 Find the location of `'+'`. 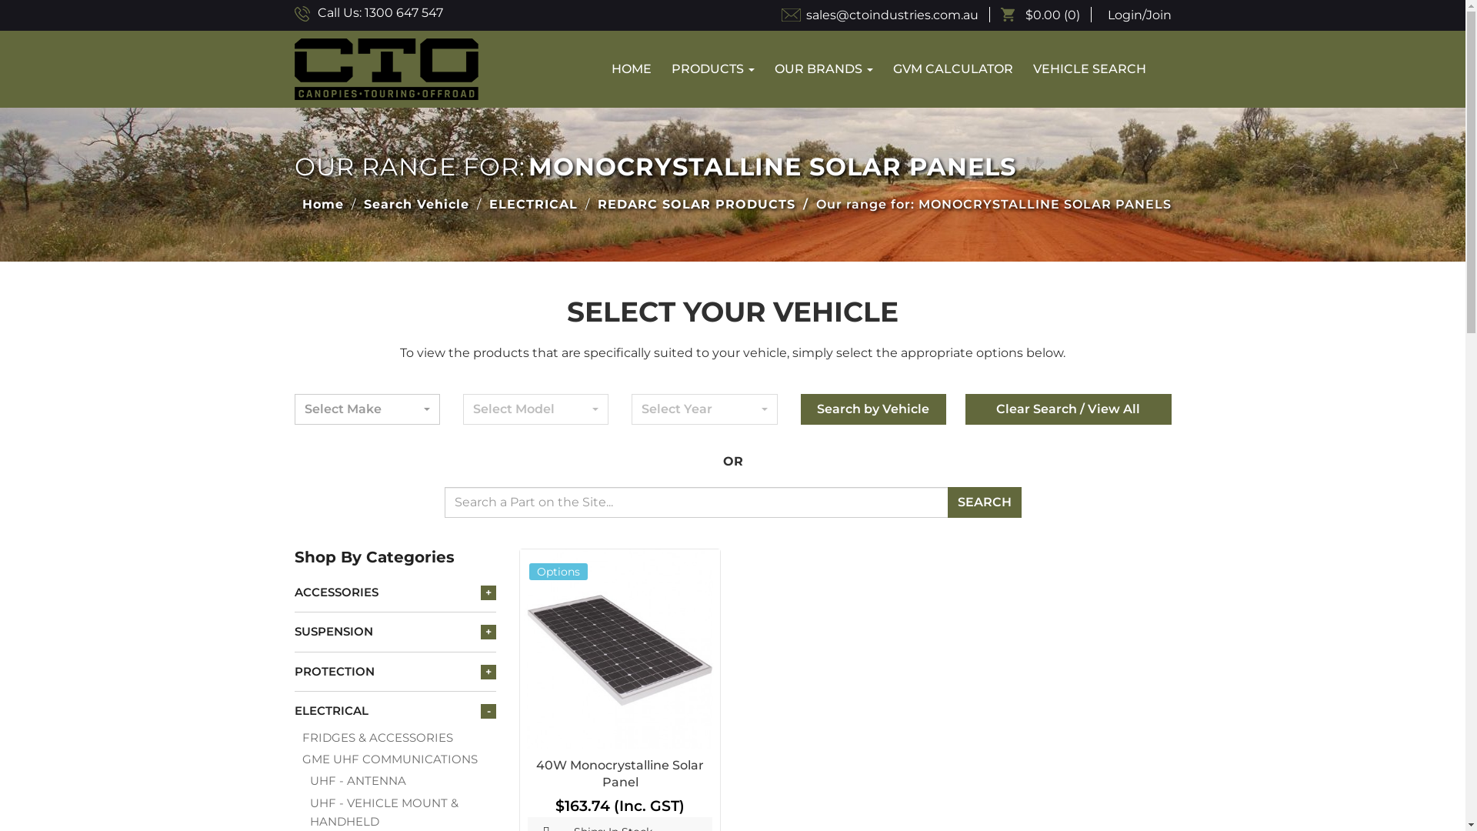

'+' is located at coordinates (479, 592).